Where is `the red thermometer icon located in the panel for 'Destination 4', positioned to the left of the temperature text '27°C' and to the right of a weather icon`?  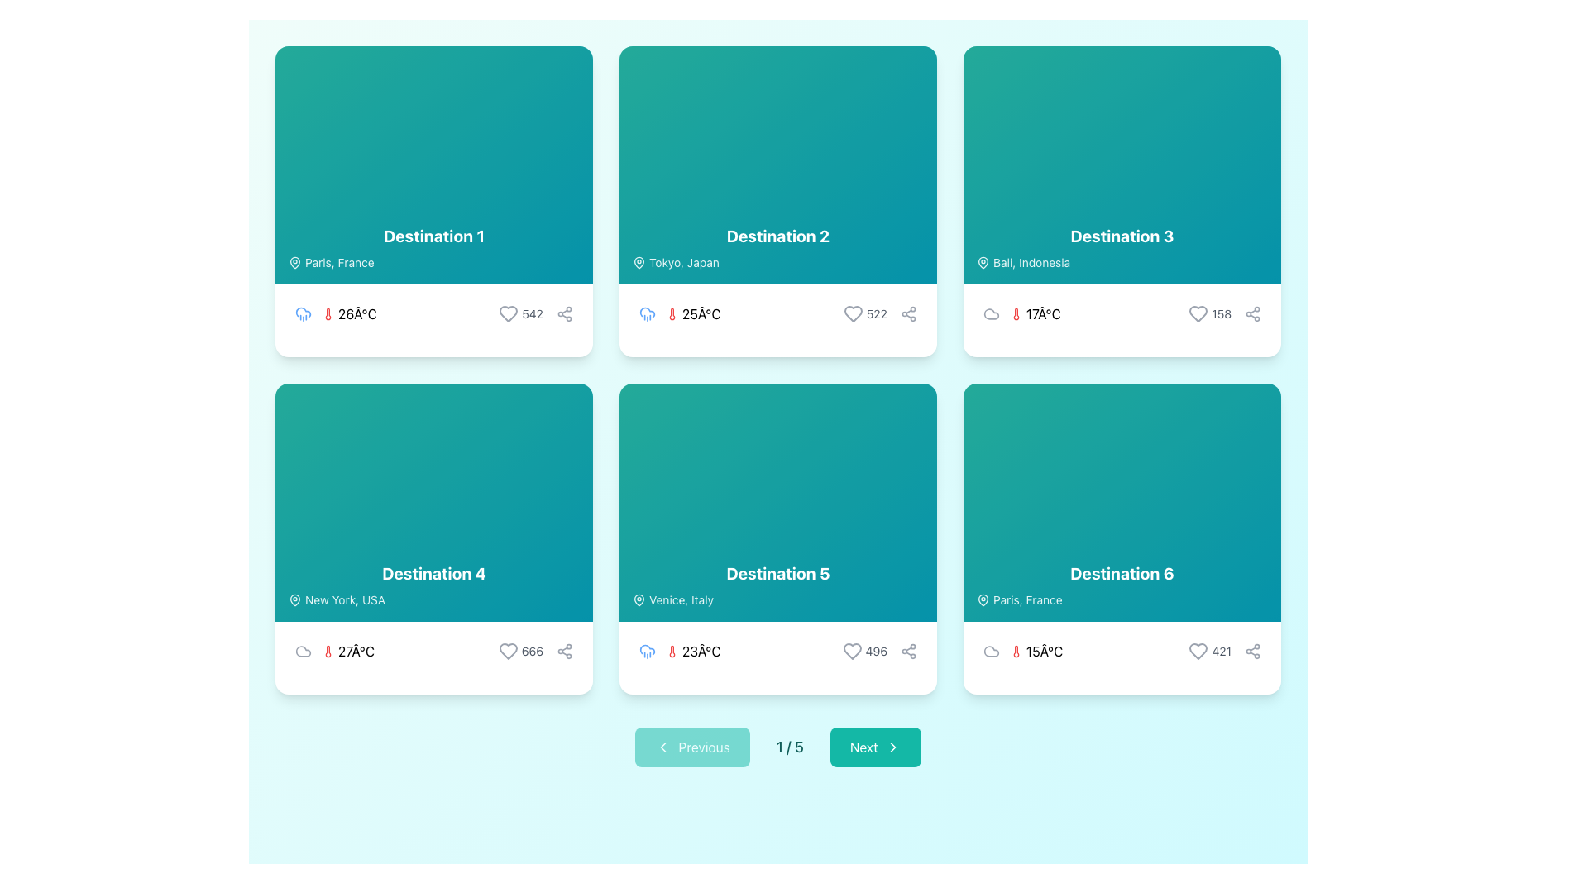 the red thermometer icon located in the panel for 'Destination 4', positioned to the left of the temperature text '27°C' and to the right of a weather icon is located at coordinates (328, 650).